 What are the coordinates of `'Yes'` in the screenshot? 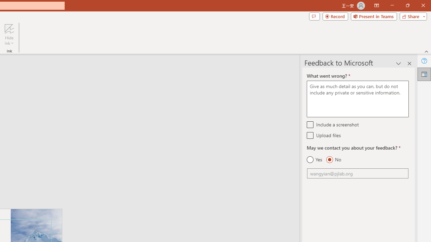 It's located at (314, 160).